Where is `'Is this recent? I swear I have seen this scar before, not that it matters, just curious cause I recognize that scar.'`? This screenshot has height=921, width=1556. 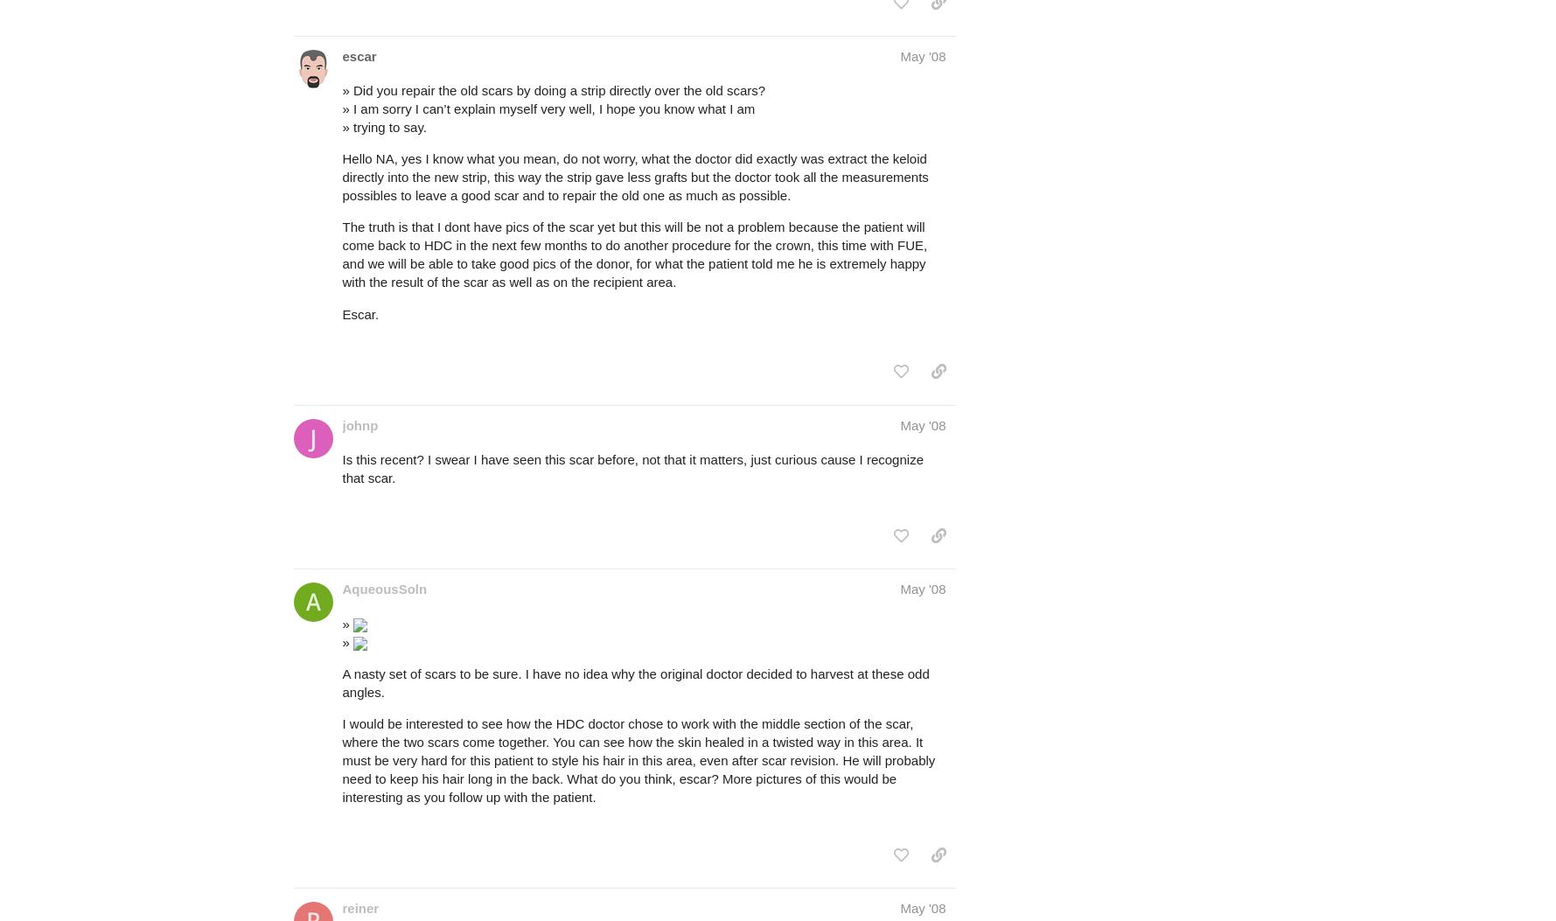
'Is this recent? I swear I have seen this scar before, not that it matters, just curious cause I recognize that scar.' is located at coordinates (341, 467).